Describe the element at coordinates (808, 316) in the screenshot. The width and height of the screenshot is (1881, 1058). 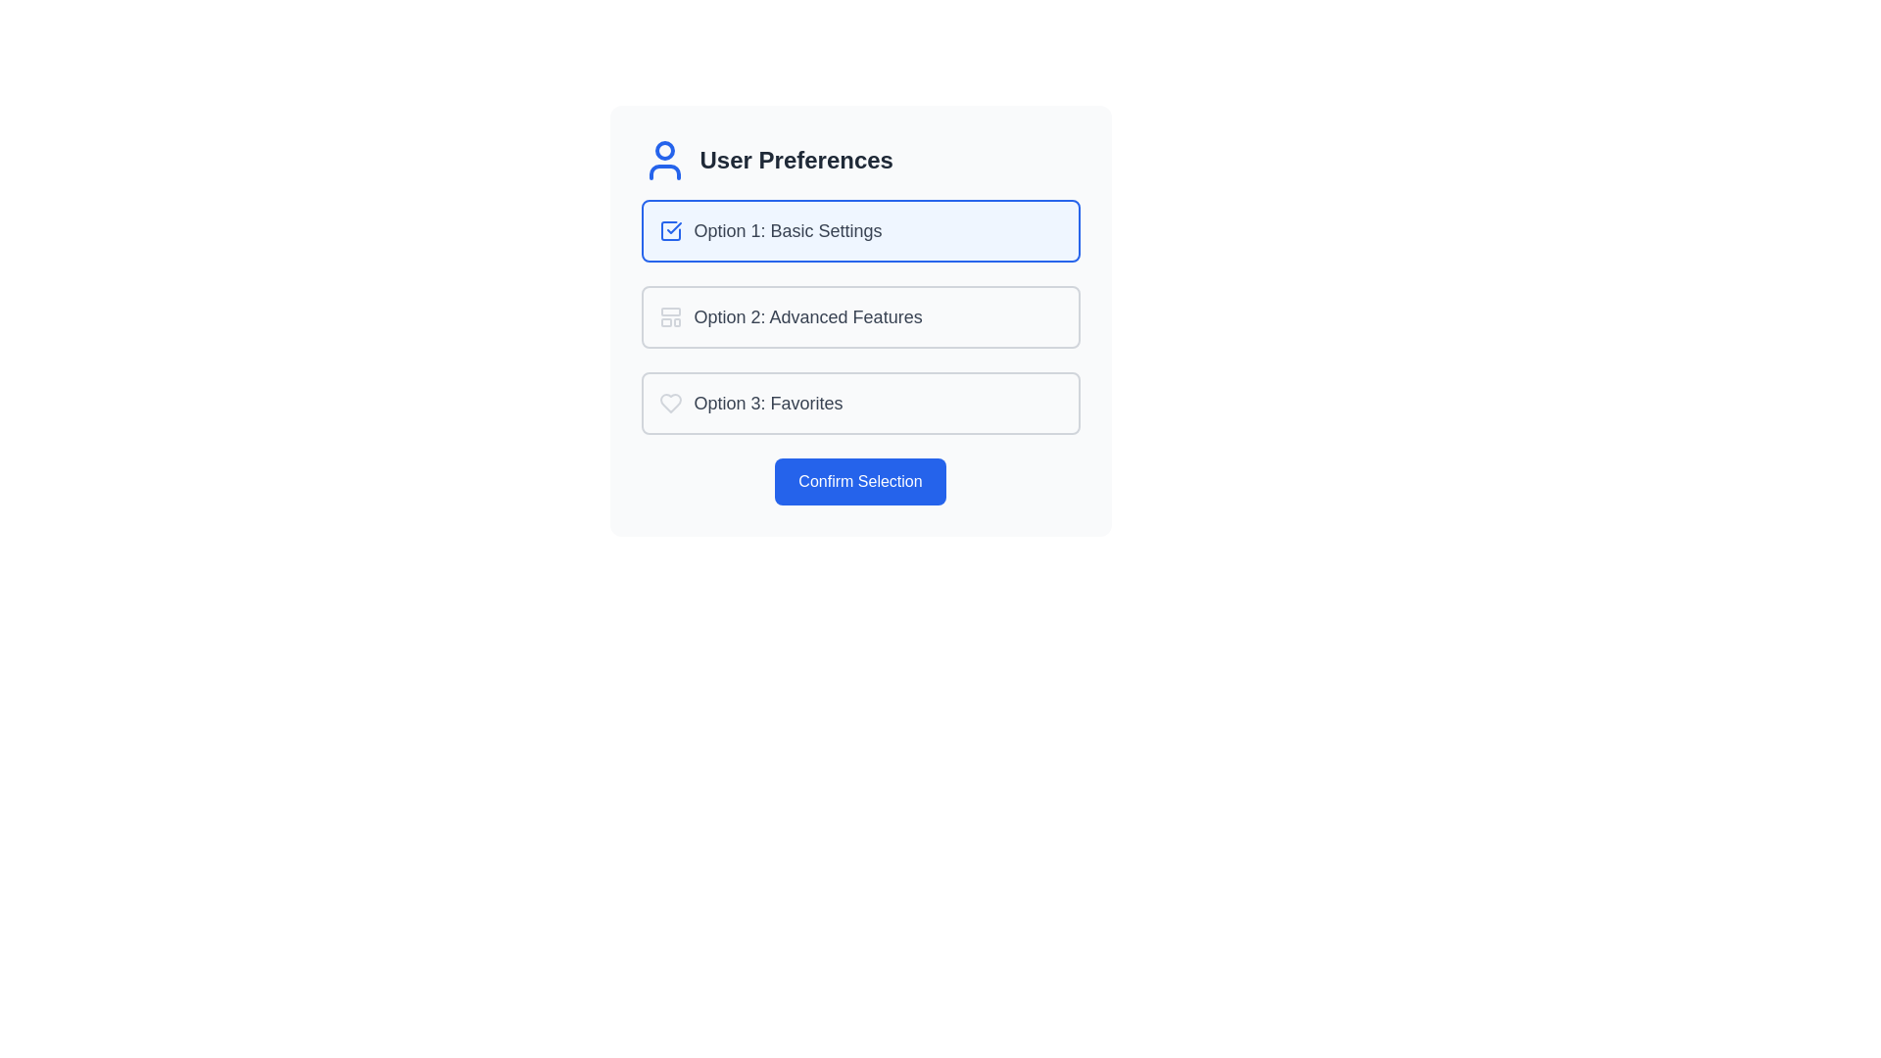
I see `the descriptive label for the second option in the selectable list, which is located below 'Option 1: Basic Settings' and above 'Option 3: Favorites'` at that location.